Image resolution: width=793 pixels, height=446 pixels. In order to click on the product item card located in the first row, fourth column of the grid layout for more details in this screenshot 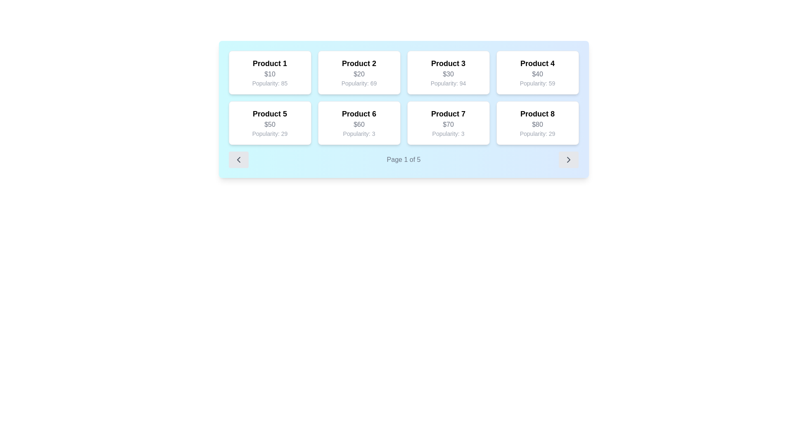, I will do `click(537, 72)`.